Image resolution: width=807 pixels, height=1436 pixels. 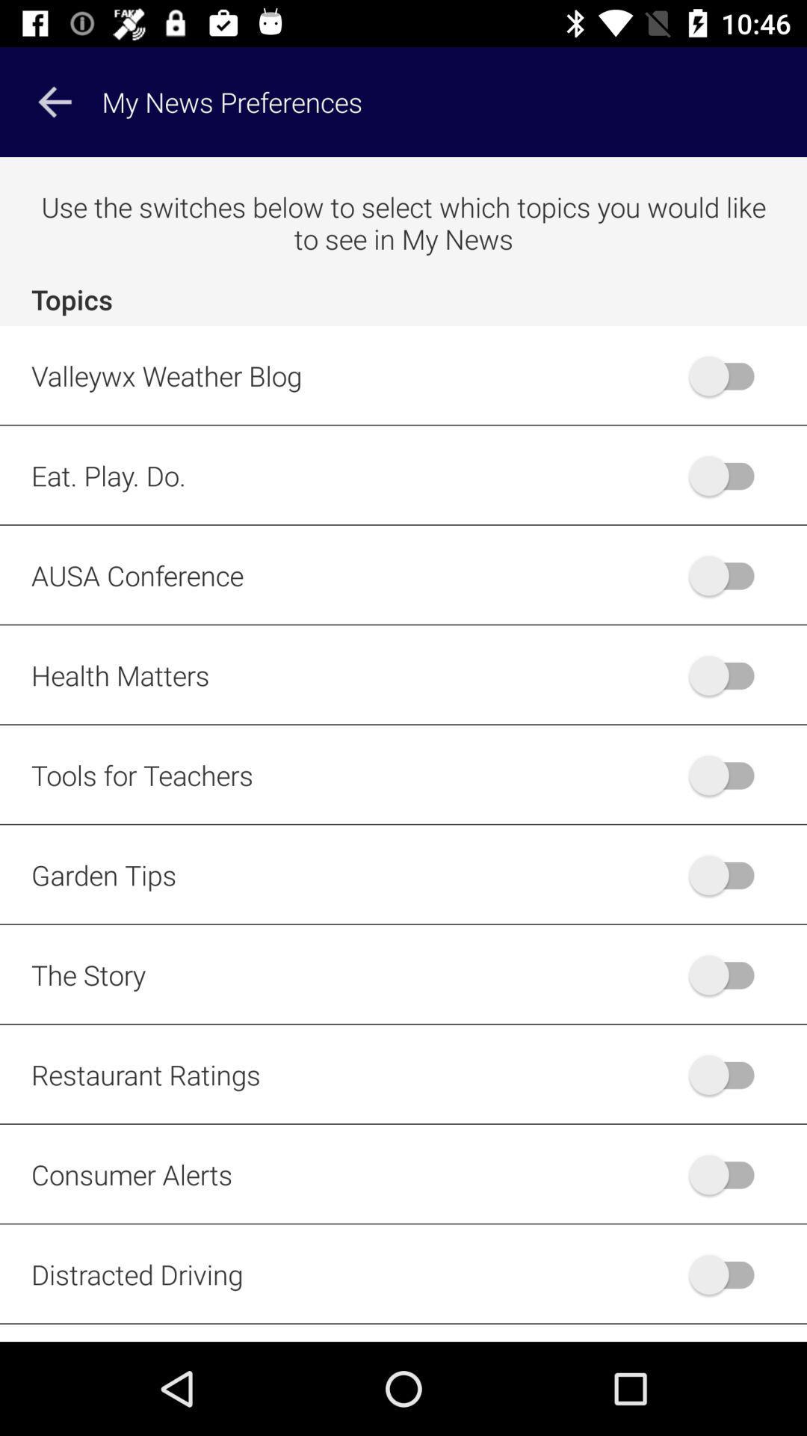 What do you see at coordinates (728, 1173) in the screenshot?
I see `toggles consumer alerts` at bounding box center [728, 1173].